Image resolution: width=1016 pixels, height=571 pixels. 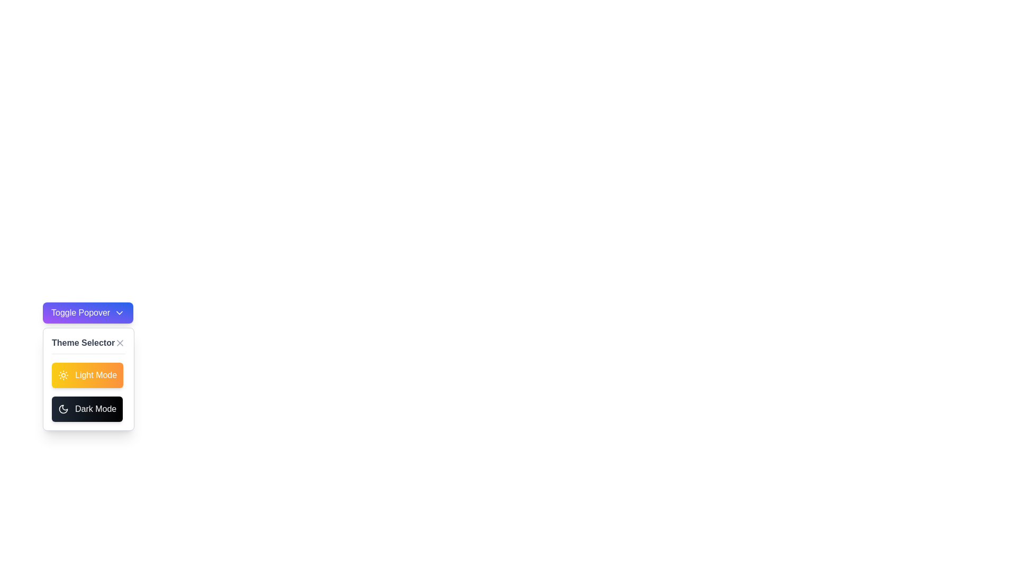 I want to click on the downward-pointing chevron icon located to the right of the 'Toggle Popover' text, so click(x=120, y=312).